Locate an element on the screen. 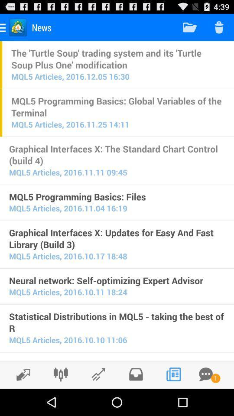 The image size is (234, 416). the icon below the mql5 articles 2016 icon is located at coordinates (117, 280).